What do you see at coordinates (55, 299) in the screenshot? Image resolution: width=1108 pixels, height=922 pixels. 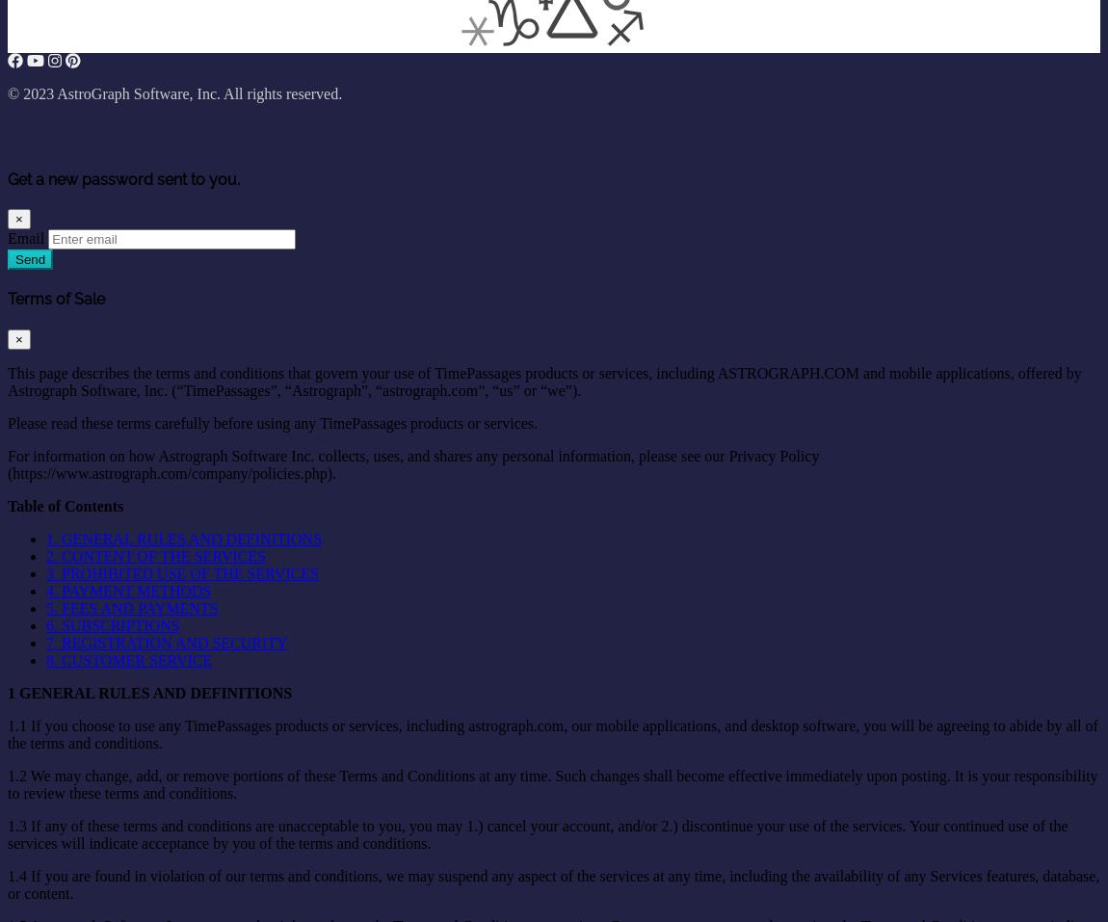 I see `'Terms of Sale'` at bounding box center [55, 299].